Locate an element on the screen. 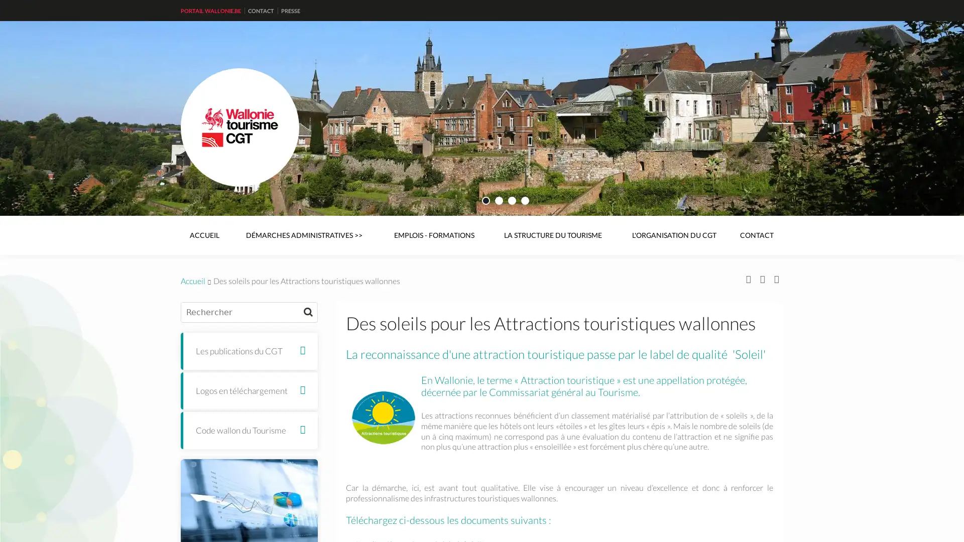  Rechercher is located at coordinates (308, 311).